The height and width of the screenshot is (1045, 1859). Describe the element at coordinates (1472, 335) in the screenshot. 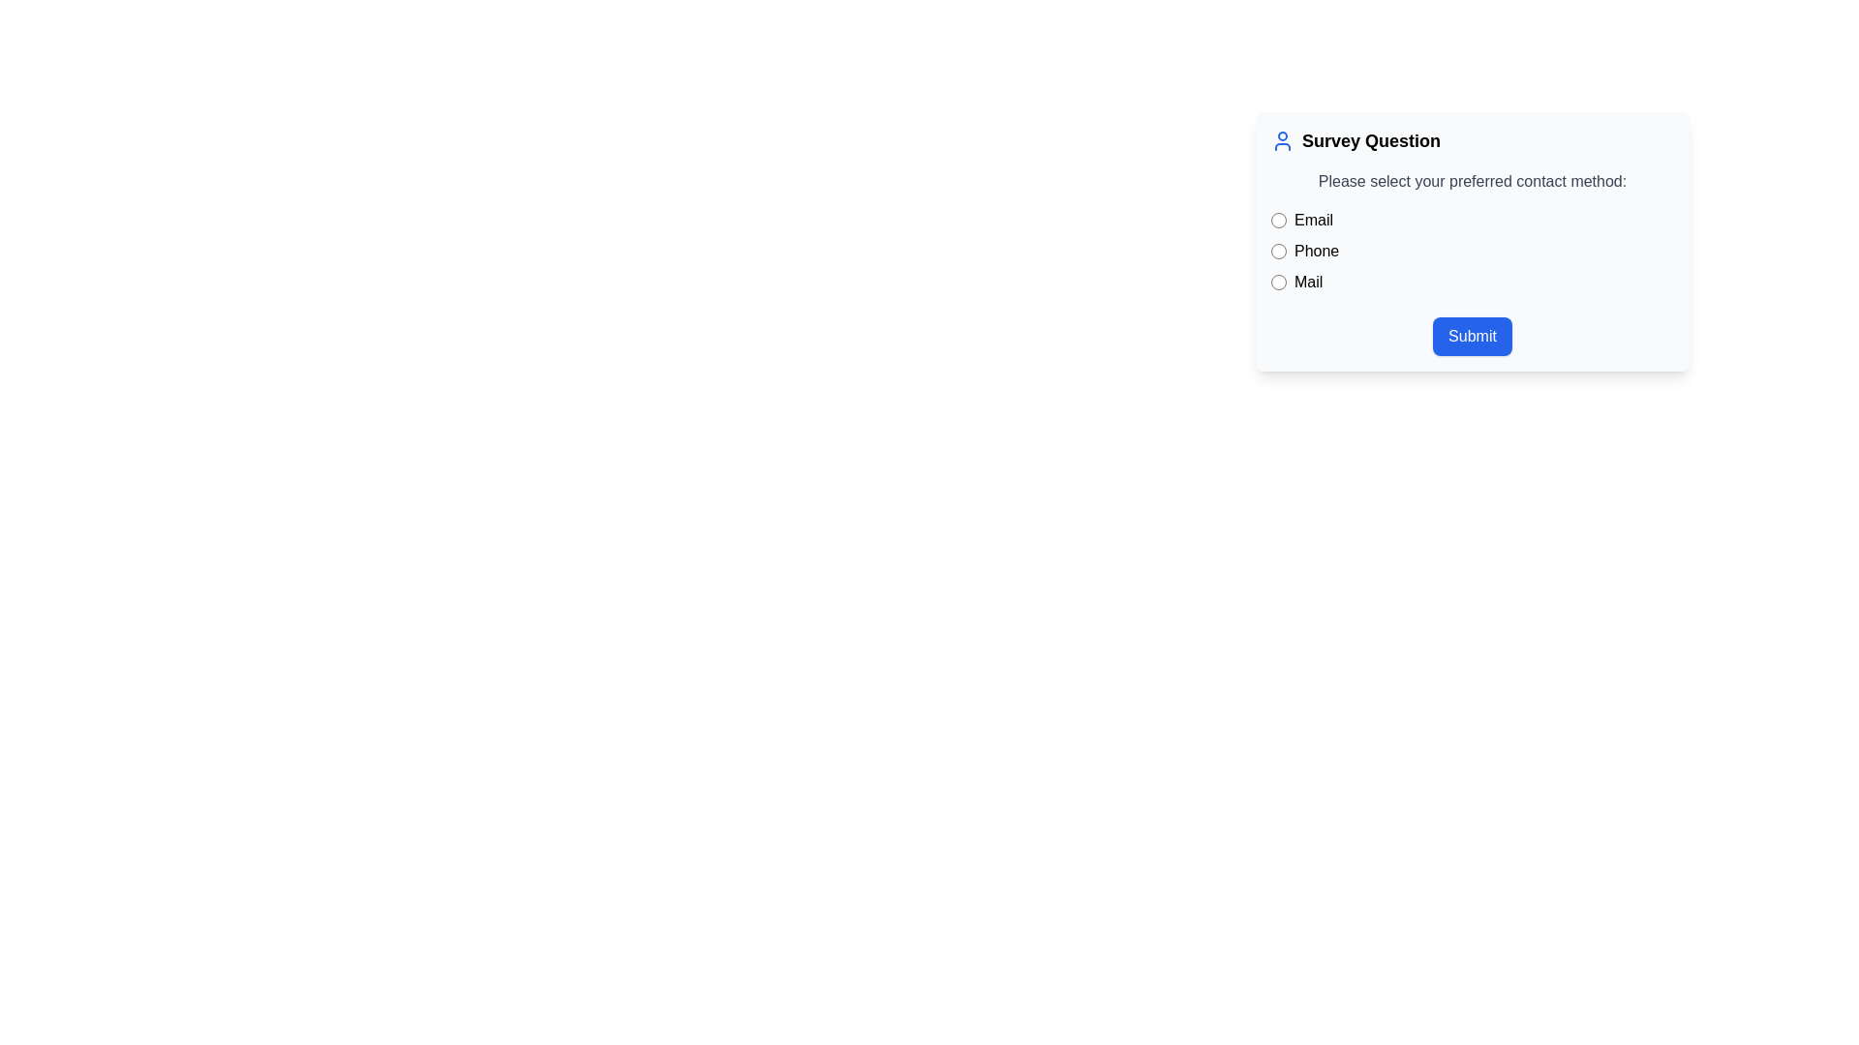

I see `the 'Submit' button, which is a rectangular button with rounded corners, a blue background, and white text, located at the bottom of the survey form` at that location.